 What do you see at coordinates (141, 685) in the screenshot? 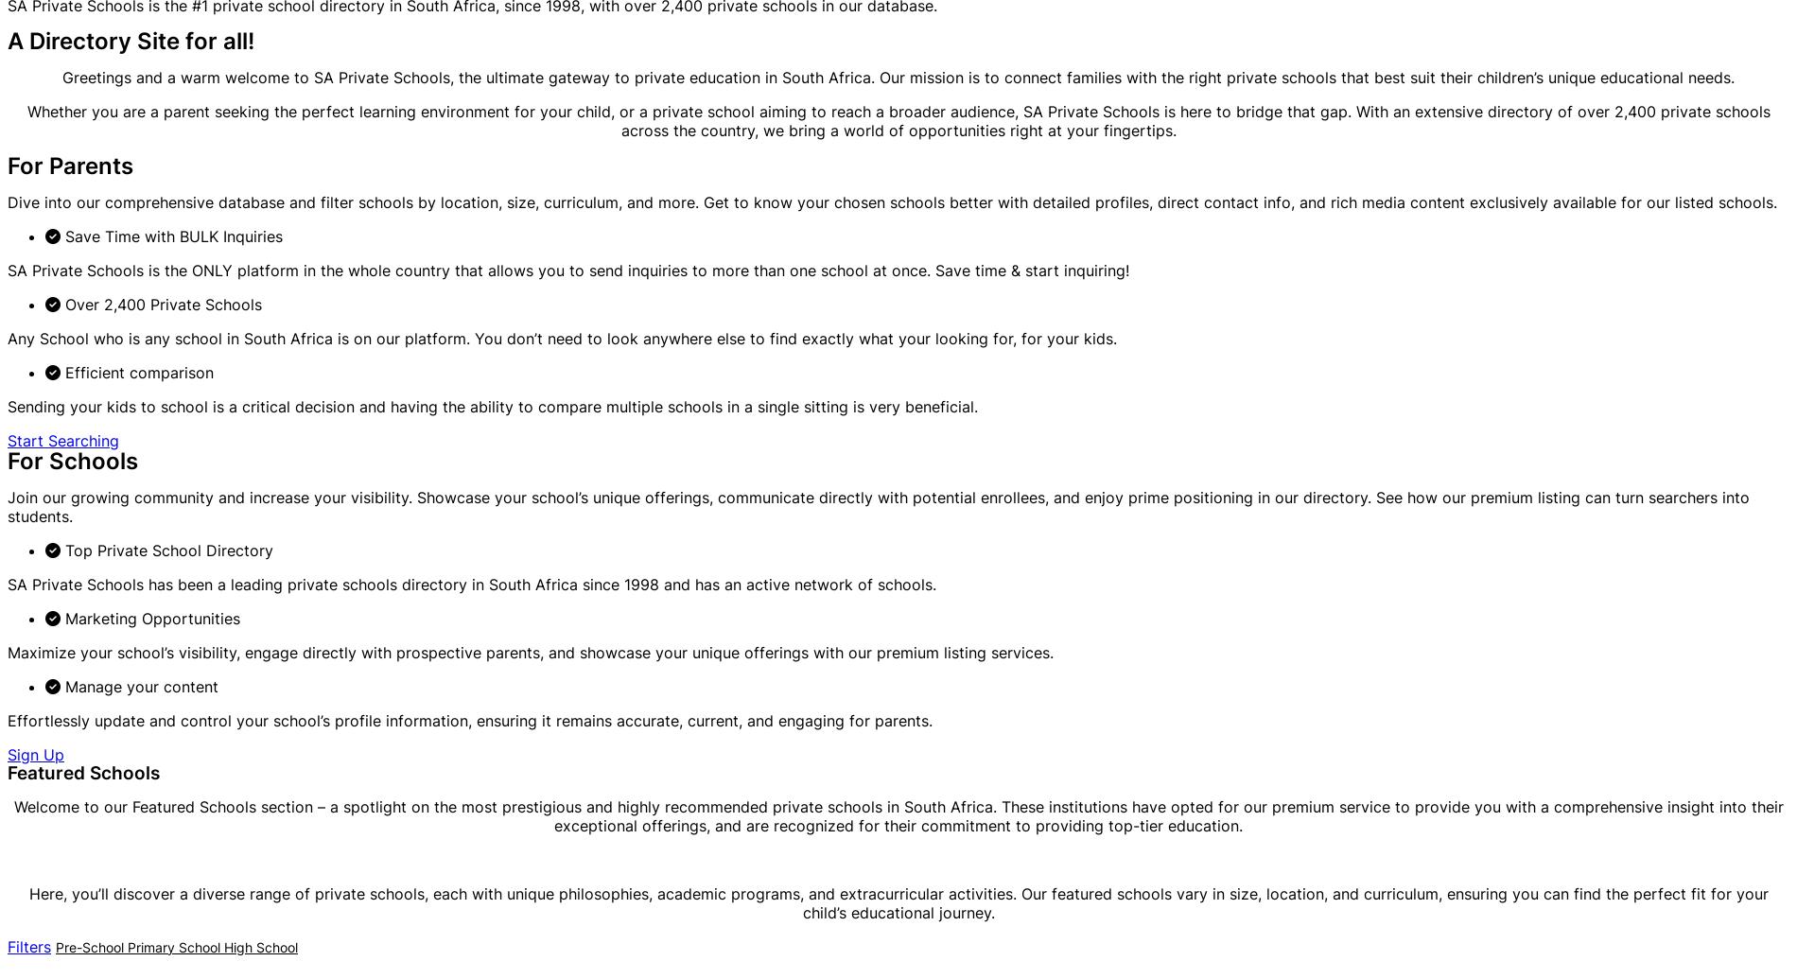
I see `'Manage your content'` at bounding box center [141, 685].